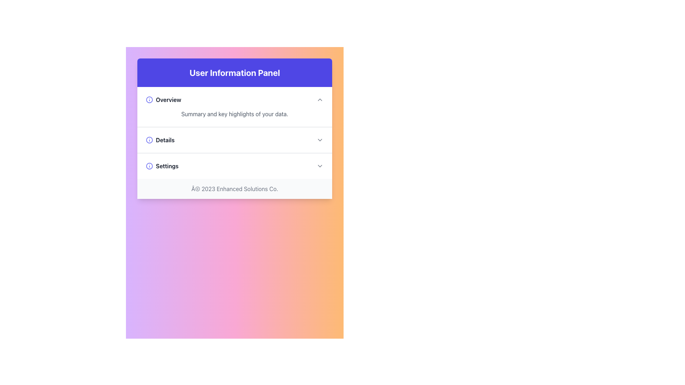 The width and height of the screenshot is (685, 385). I want to click on the upward-pointing chevron icon with a gray color and rounded outline located in the 'Overview' section, so click(320, 100).